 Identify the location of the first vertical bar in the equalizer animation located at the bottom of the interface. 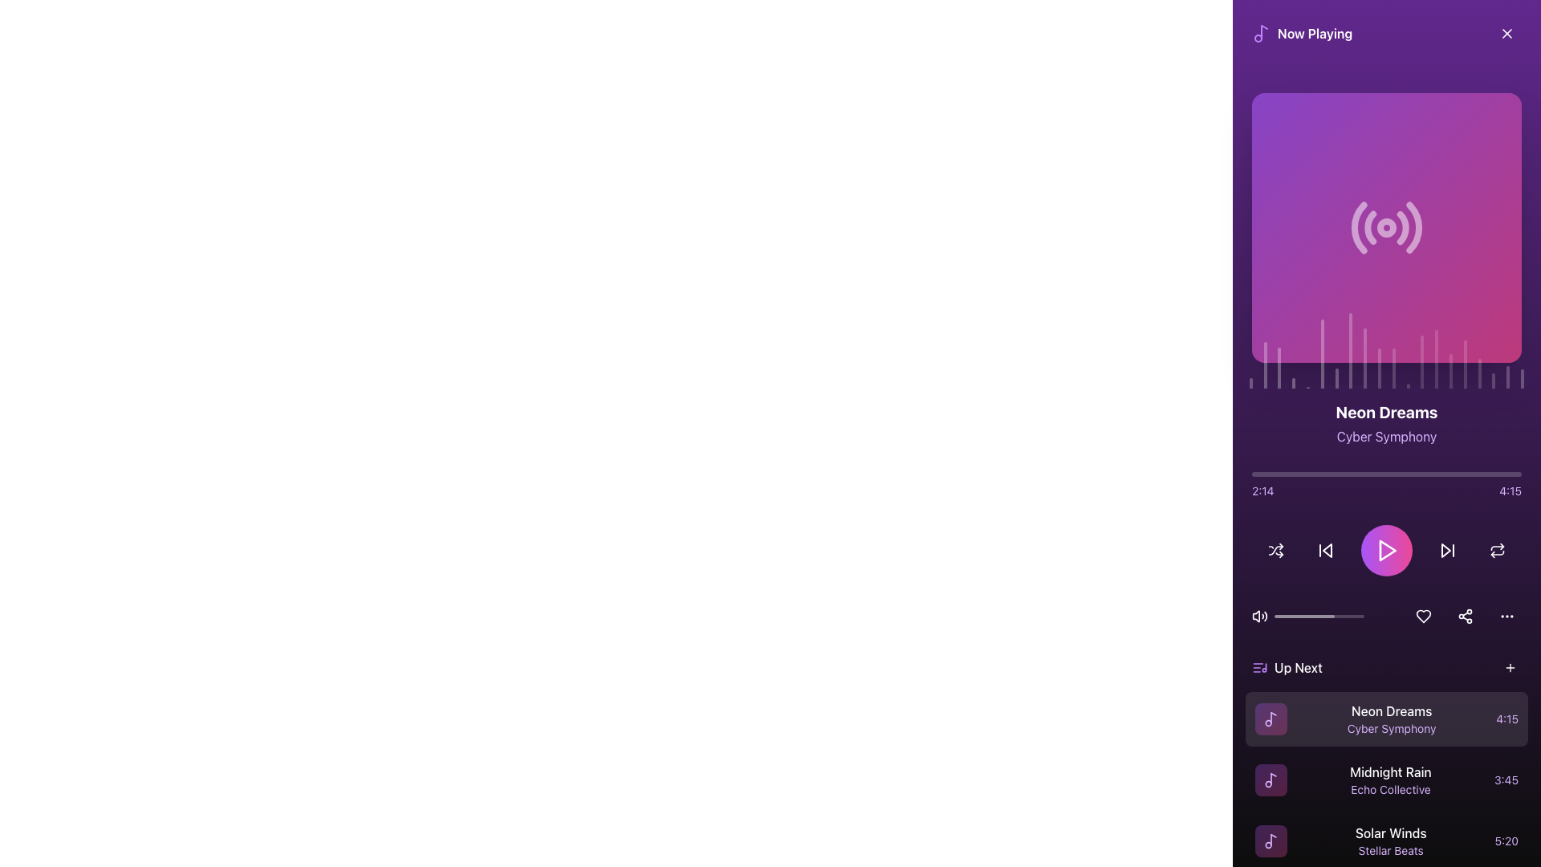
(1250, 383).